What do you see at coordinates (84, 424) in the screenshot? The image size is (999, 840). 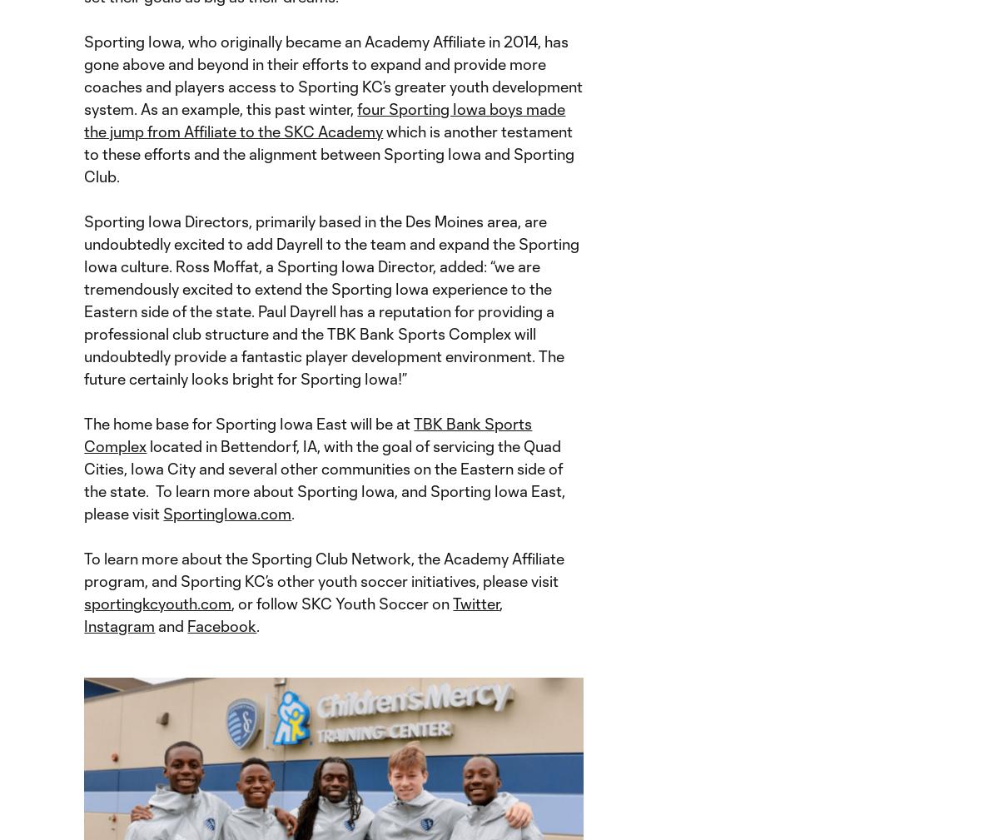 I see `'The home base for Sporting Iowa East will be at'` at bounding box center [84, 424].